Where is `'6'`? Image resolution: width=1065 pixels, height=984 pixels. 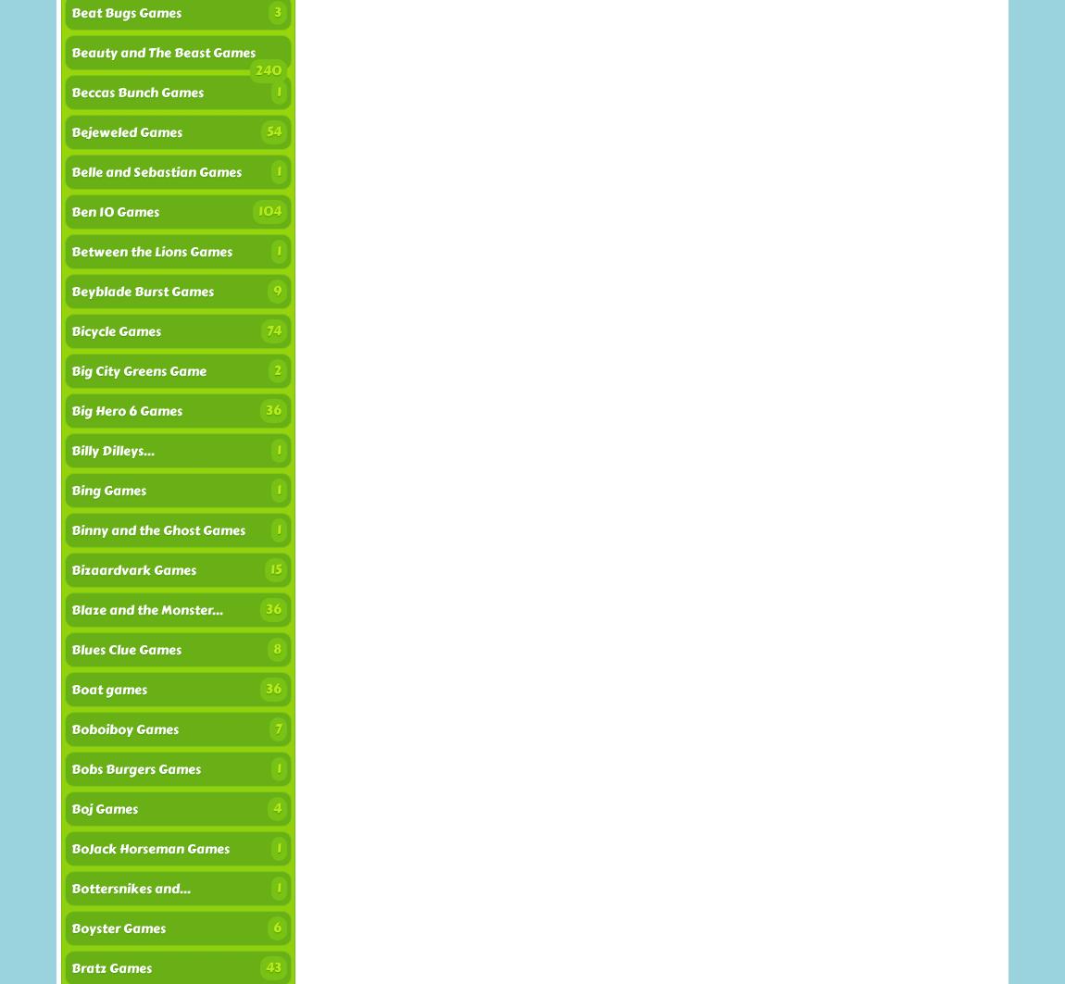 '6' is located at coordinates (272, 927).